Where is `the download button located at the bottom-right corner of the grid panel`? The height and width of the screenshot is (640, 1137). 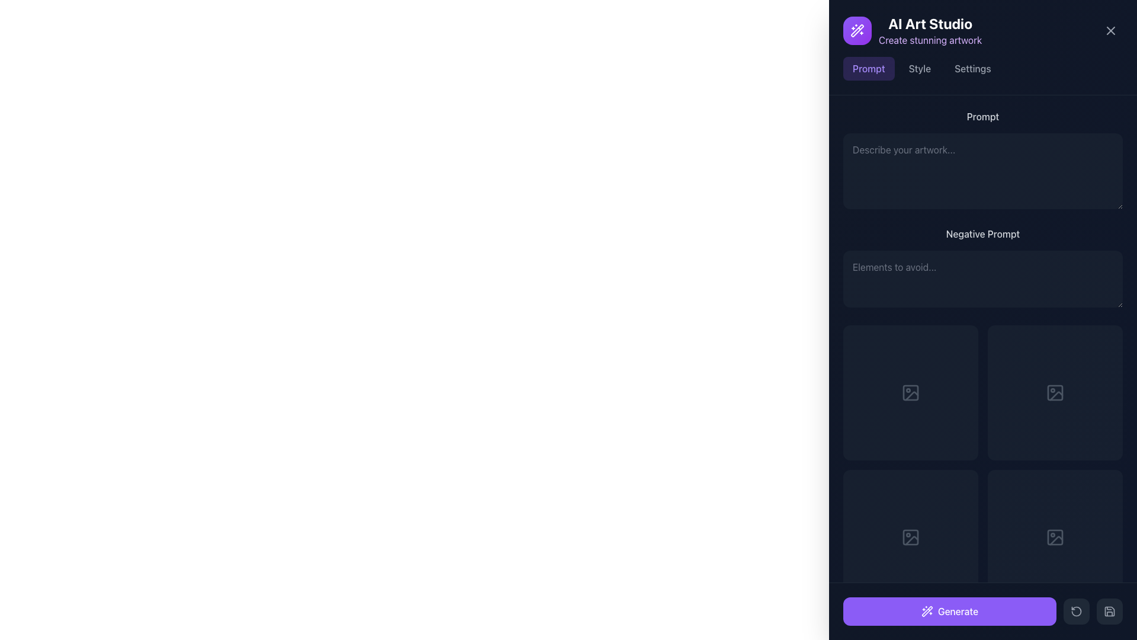 the download button located at the bottom-right corner of the grid panel is located at coordinates (1071, 537).